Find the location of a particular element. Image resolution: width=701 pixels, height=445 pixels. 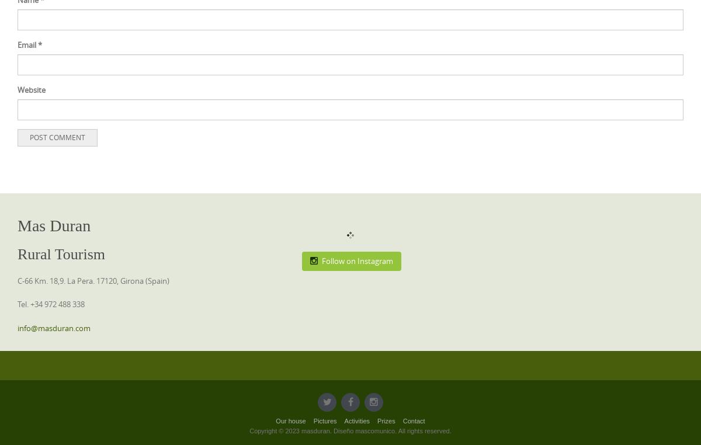

'Tel. +34 972 488 338' is located at coordinates (51, 303).